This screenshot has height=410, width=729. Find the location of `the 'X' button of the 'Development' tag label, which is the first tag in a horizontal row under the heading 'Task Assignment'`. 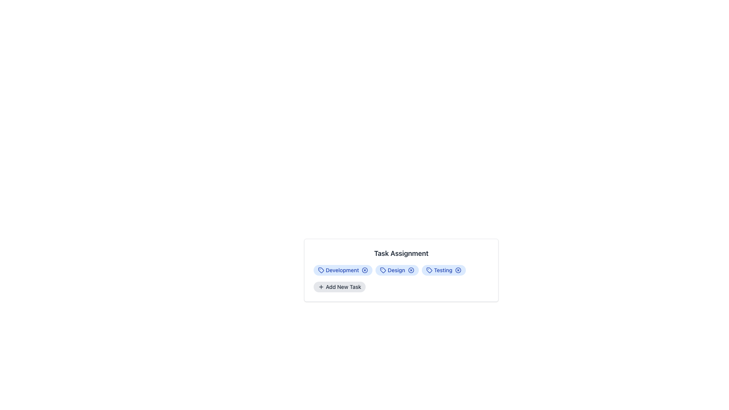

the 'X' button of the 'Development' tag label, which is the first tag in a horizontal row under the heading 'Task Assignment' is located at coordinates (342, 270).